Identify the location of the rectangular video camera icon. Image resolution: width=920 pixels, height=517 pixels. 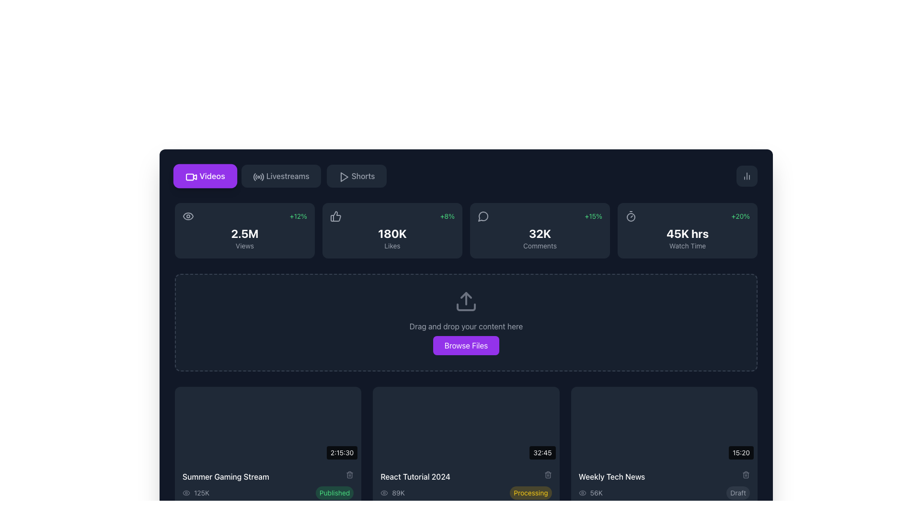
(190, 176).